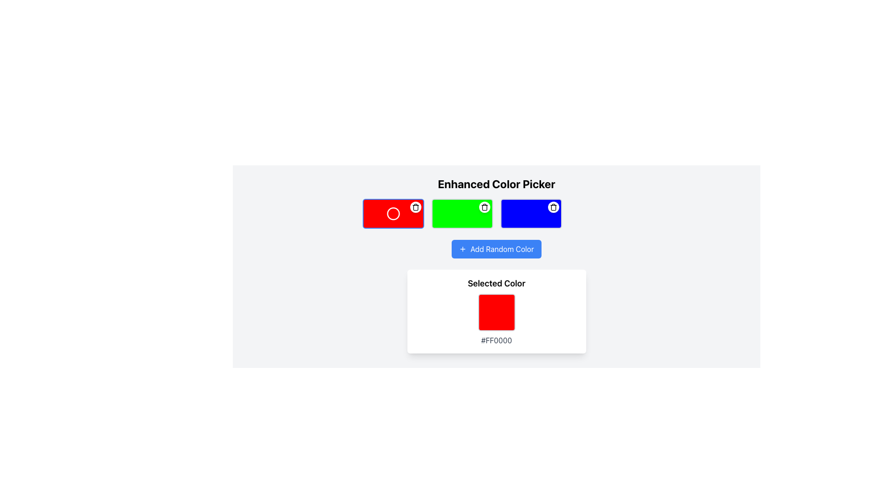 This screenshot has width=894, height=503. Describe the element at coordinates (553, 206) in the screenshot. I see `the delete button located in the upper-right corner of the third blue color box` at that location.